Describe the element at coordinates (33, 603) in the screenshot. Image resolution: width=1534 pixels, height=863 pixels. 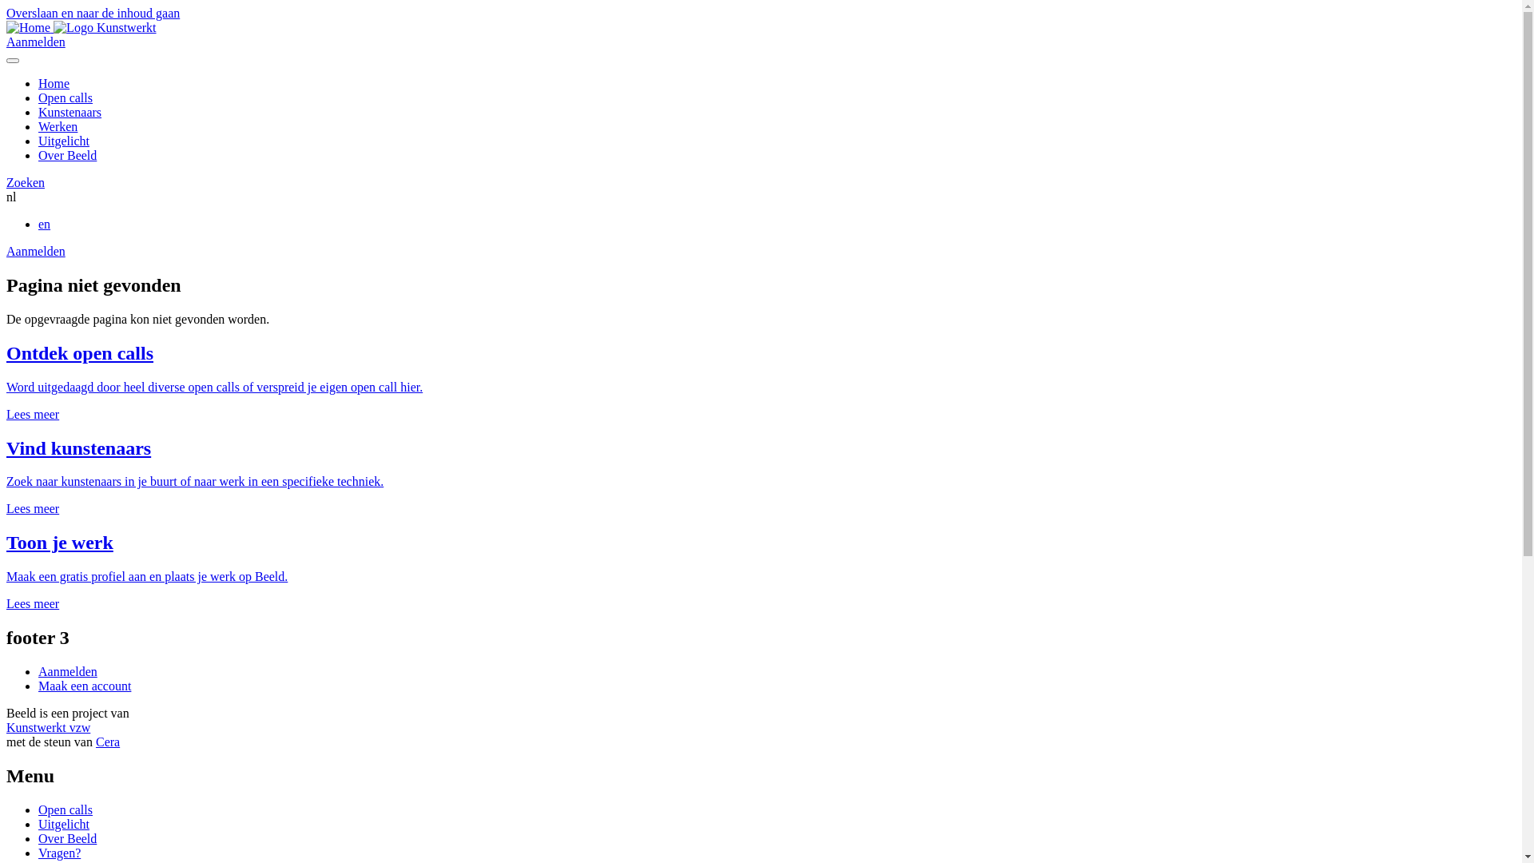
I see `'Lees meer'` at that location.